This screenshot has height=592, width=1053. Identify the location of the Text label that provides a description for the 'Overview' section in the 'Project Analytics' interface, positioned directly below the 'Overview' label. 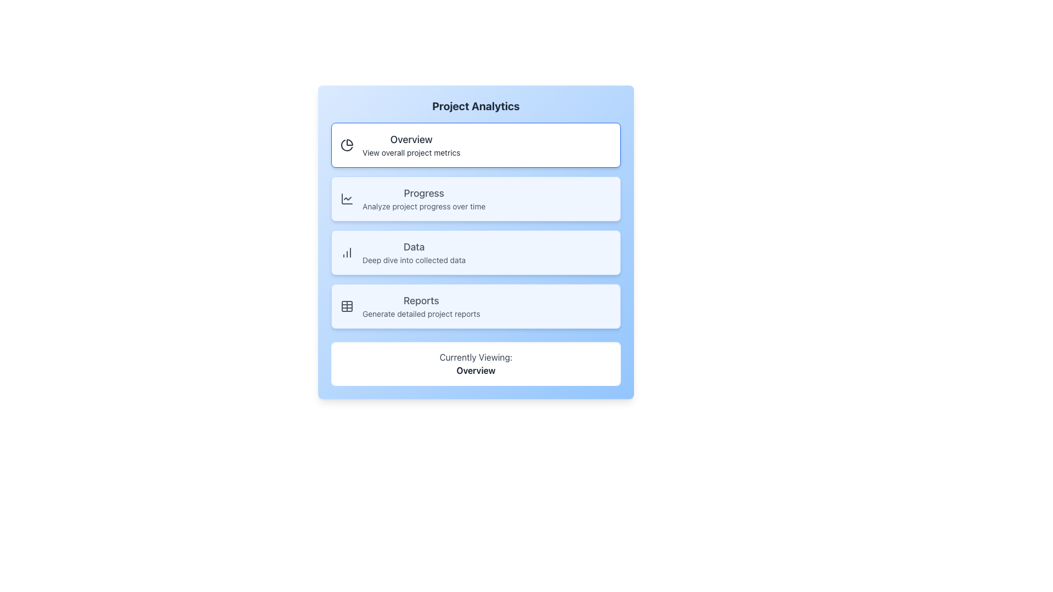
(411, 152).